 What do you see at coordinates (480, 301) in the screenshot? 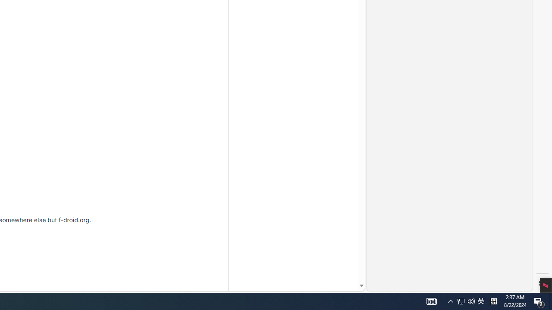
I see `'Q2790: 100%'` at bounding box center [480, 301].